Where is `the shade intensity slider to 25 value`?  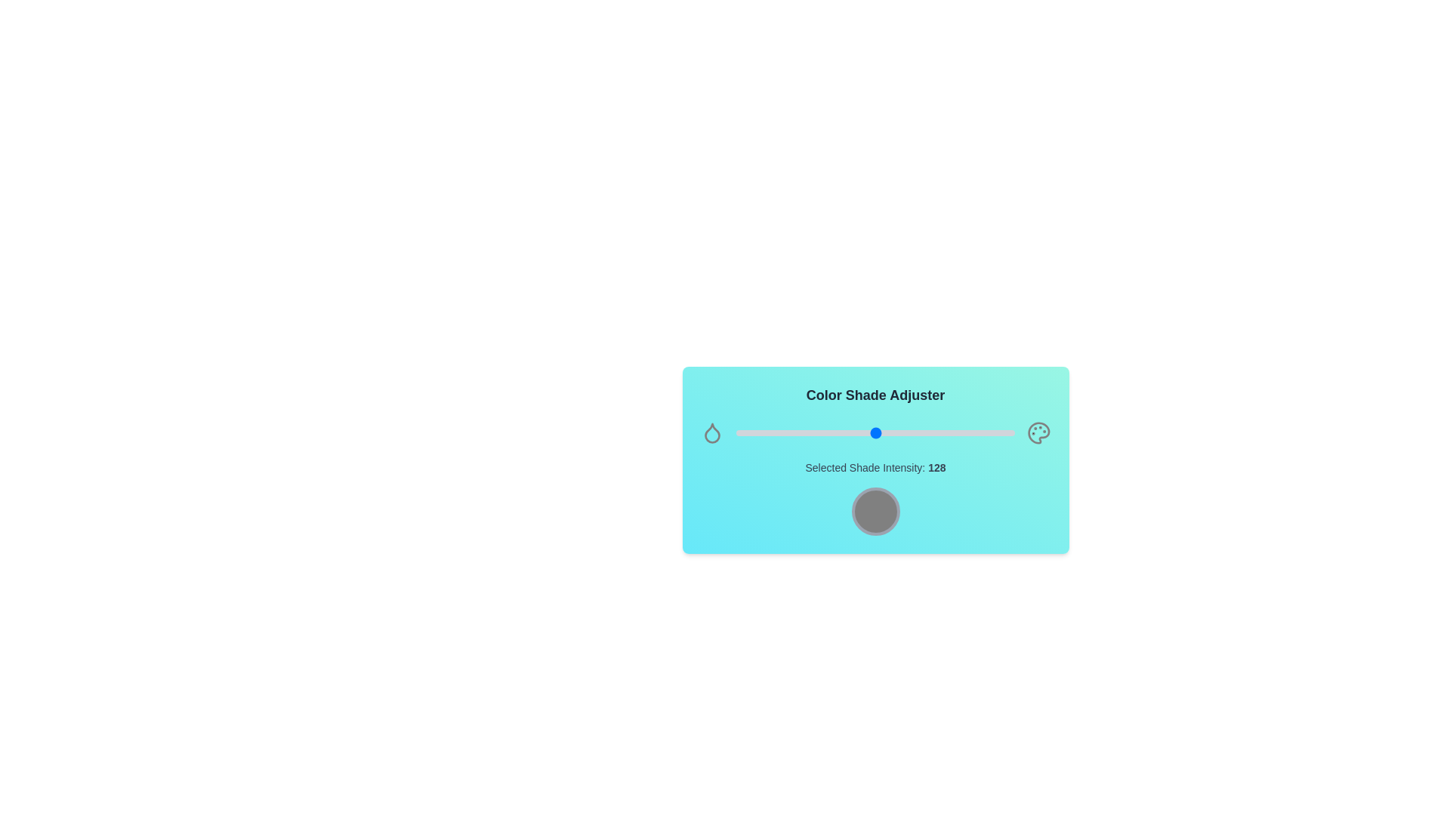 the shade intensity slider to 25 value is located at coordinates (764, 433).